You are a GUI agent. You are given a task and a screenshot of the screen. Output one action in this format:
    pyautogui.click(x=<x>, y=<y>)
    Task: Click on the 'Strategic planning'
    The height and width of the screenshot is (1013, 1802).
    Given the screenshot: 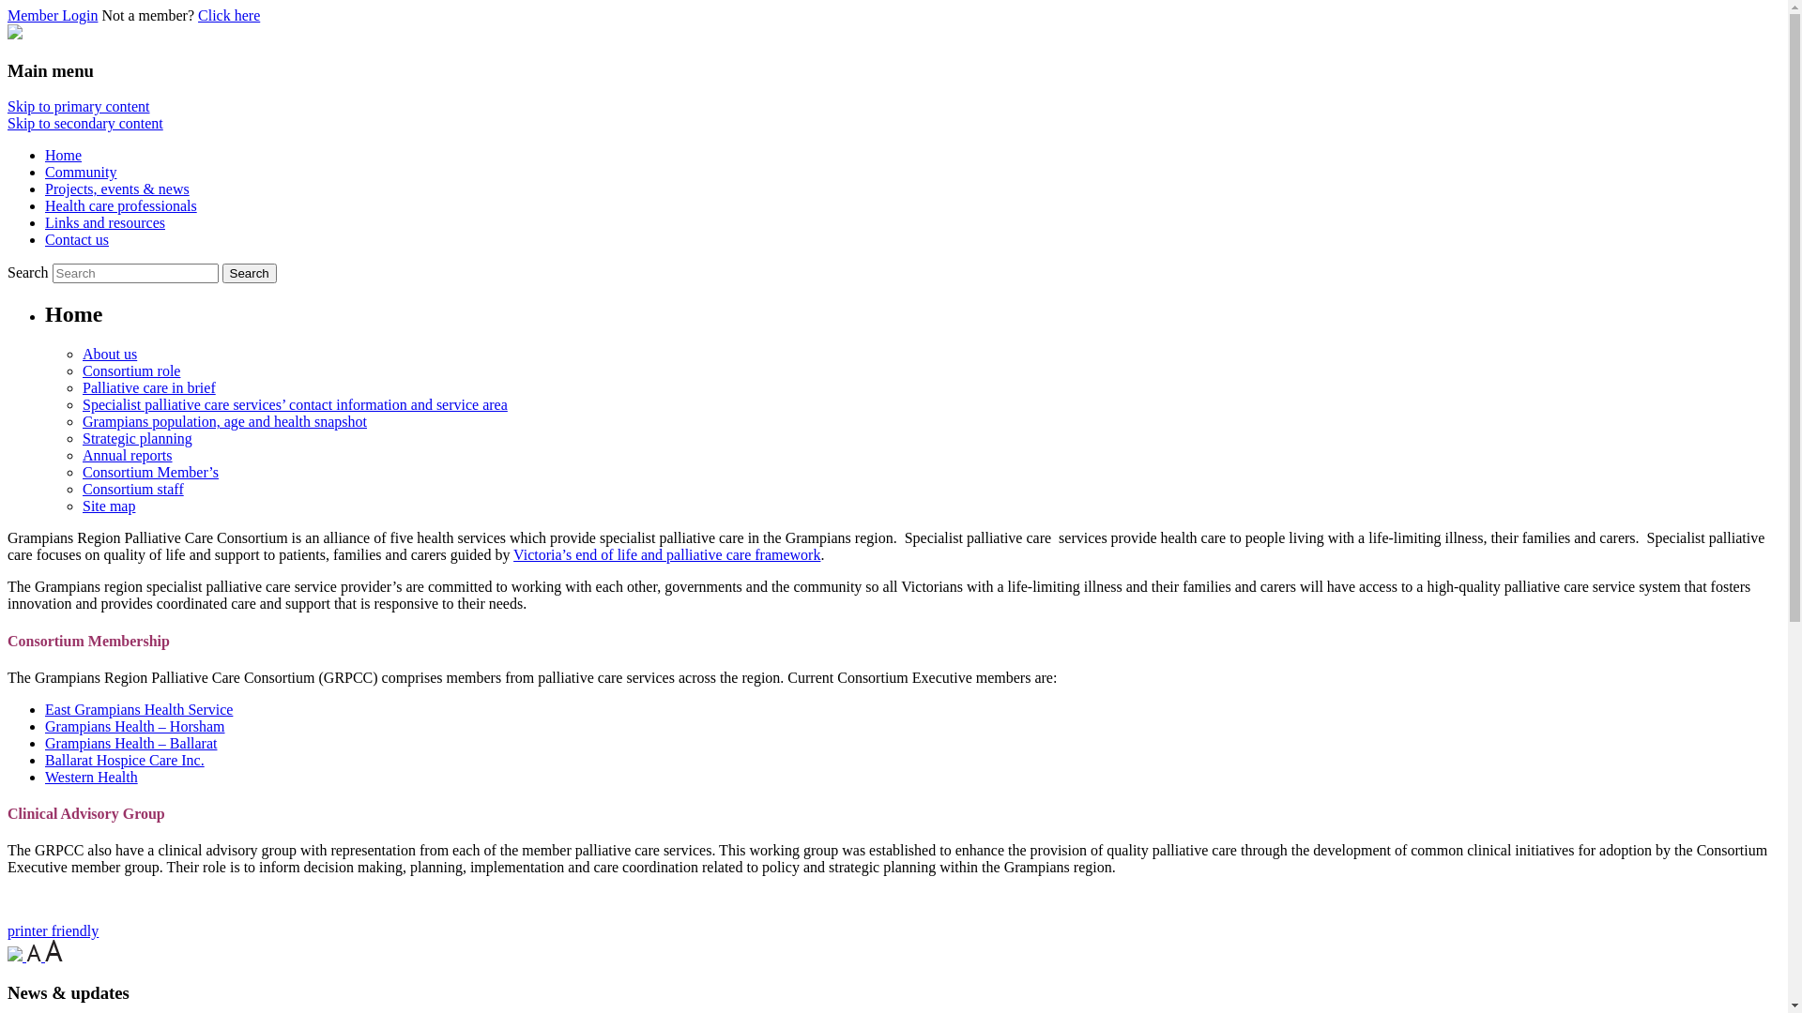 What is the action you would take?
    pyautogui.click(x=136, y=438)
    